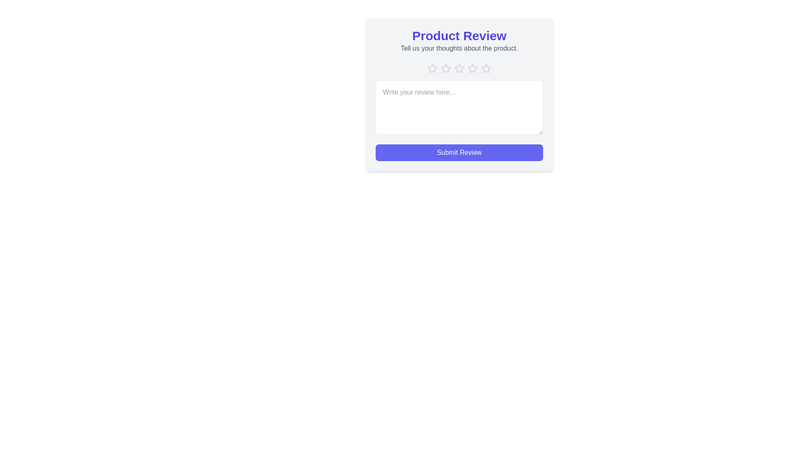 This screenshot has height=452, width=804. Describe the element at coordinates (446, 68) in the screenshot. I see `the third star icon in the five-star rating component` at that location.